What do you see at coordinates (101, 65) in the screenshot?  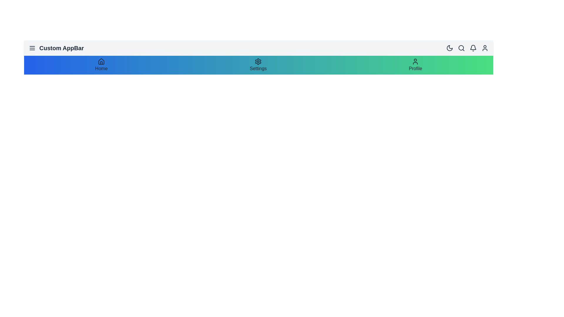 I see `the Home button in the navigation bar` at bounding box center [101, 65].